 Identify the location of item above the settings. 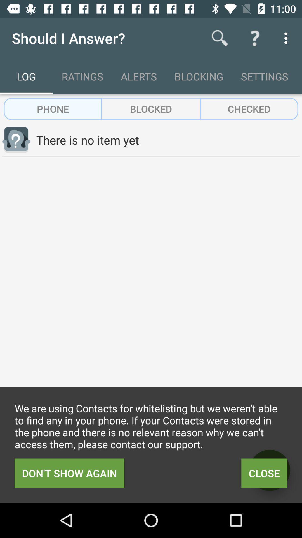
(255, 38).